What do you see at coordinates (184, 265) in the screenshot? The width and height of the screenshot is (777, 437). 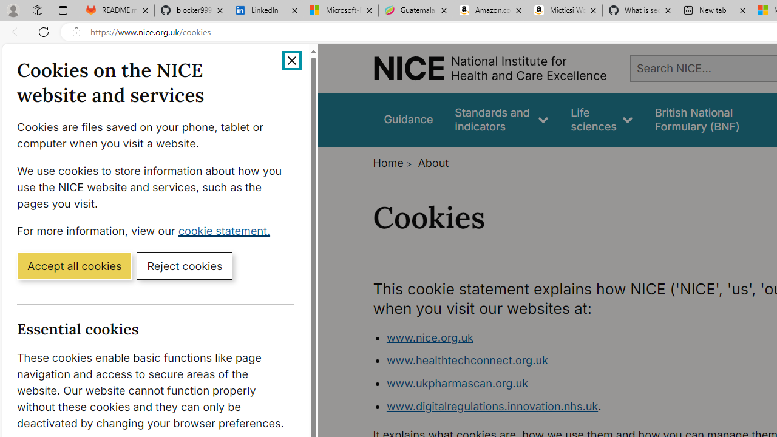 I see `'Reject cookies'` at bounding box center [184, 265].